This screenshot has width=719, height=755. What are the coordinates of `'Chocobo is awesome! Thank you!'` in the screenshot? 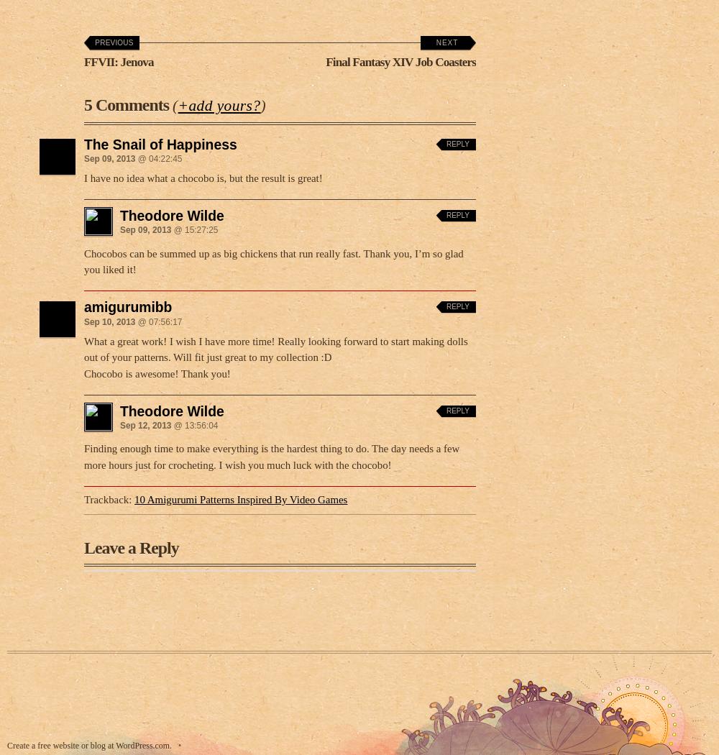 It's located at (156, 368).